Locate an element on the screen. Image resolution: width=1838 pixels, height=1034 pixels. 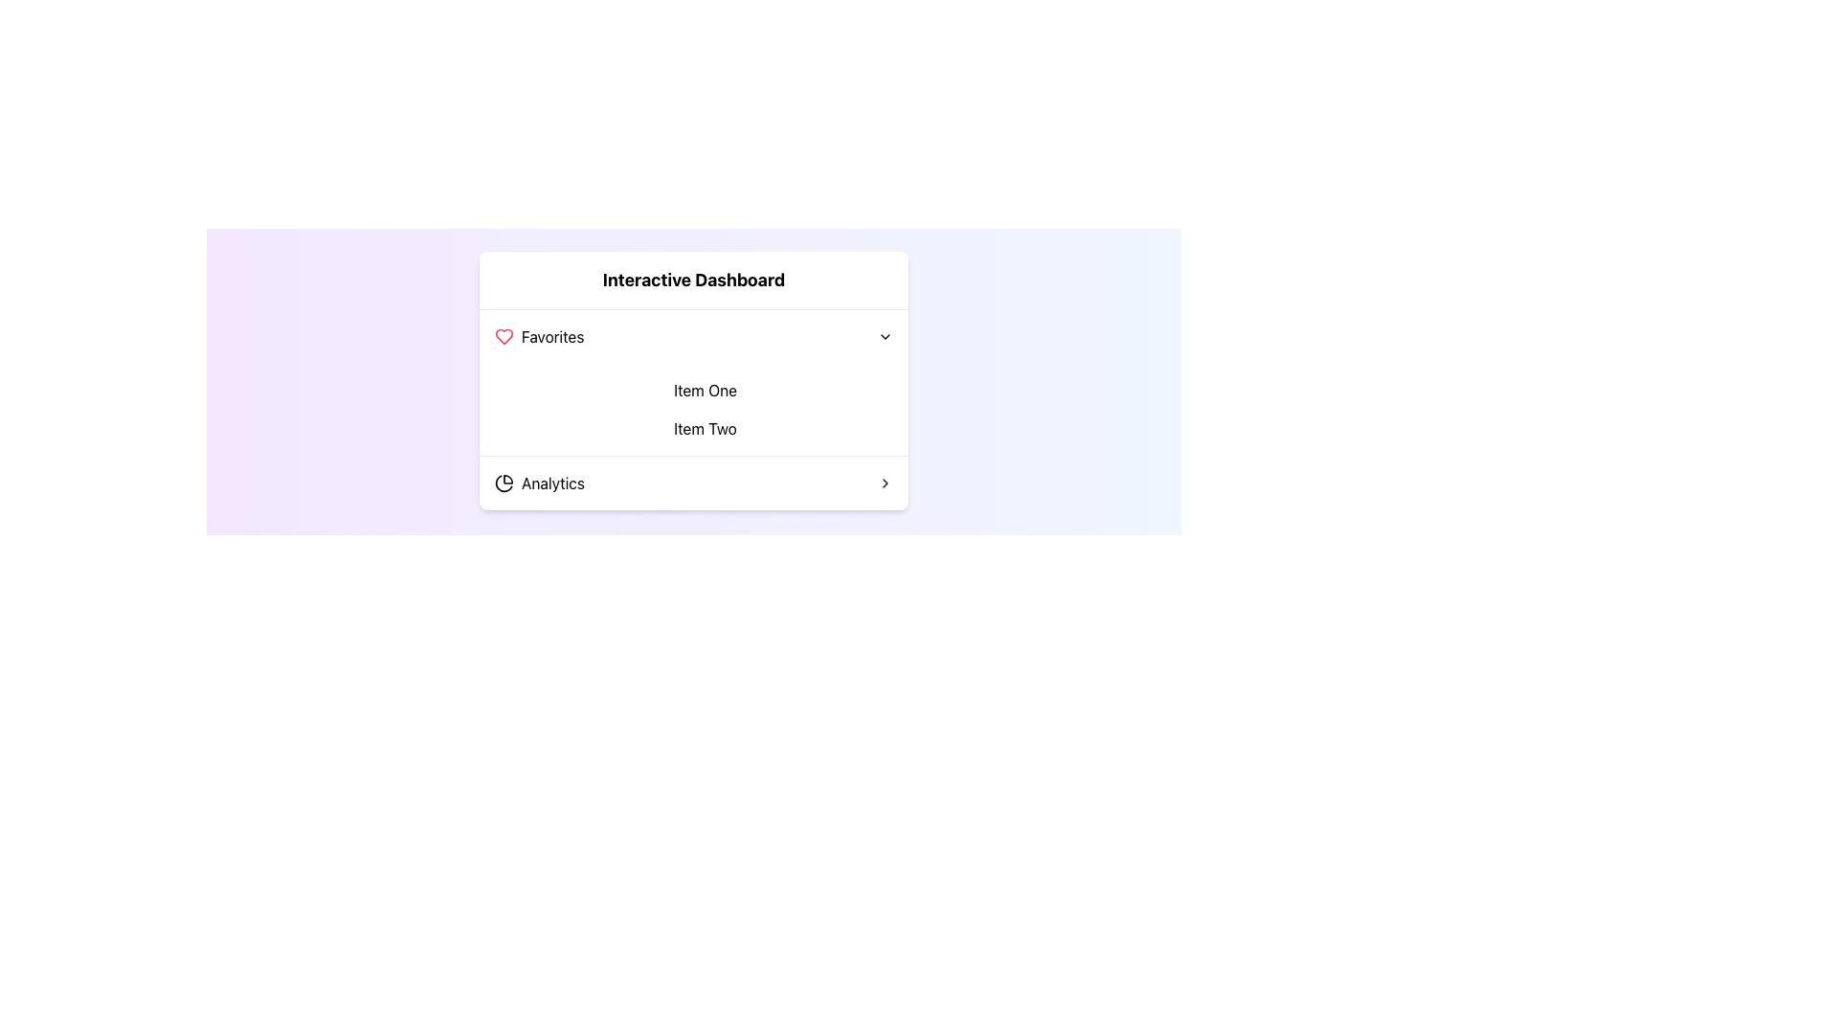
the text-based menu item labeled 'Item One' is located at coordinates (705, 390).